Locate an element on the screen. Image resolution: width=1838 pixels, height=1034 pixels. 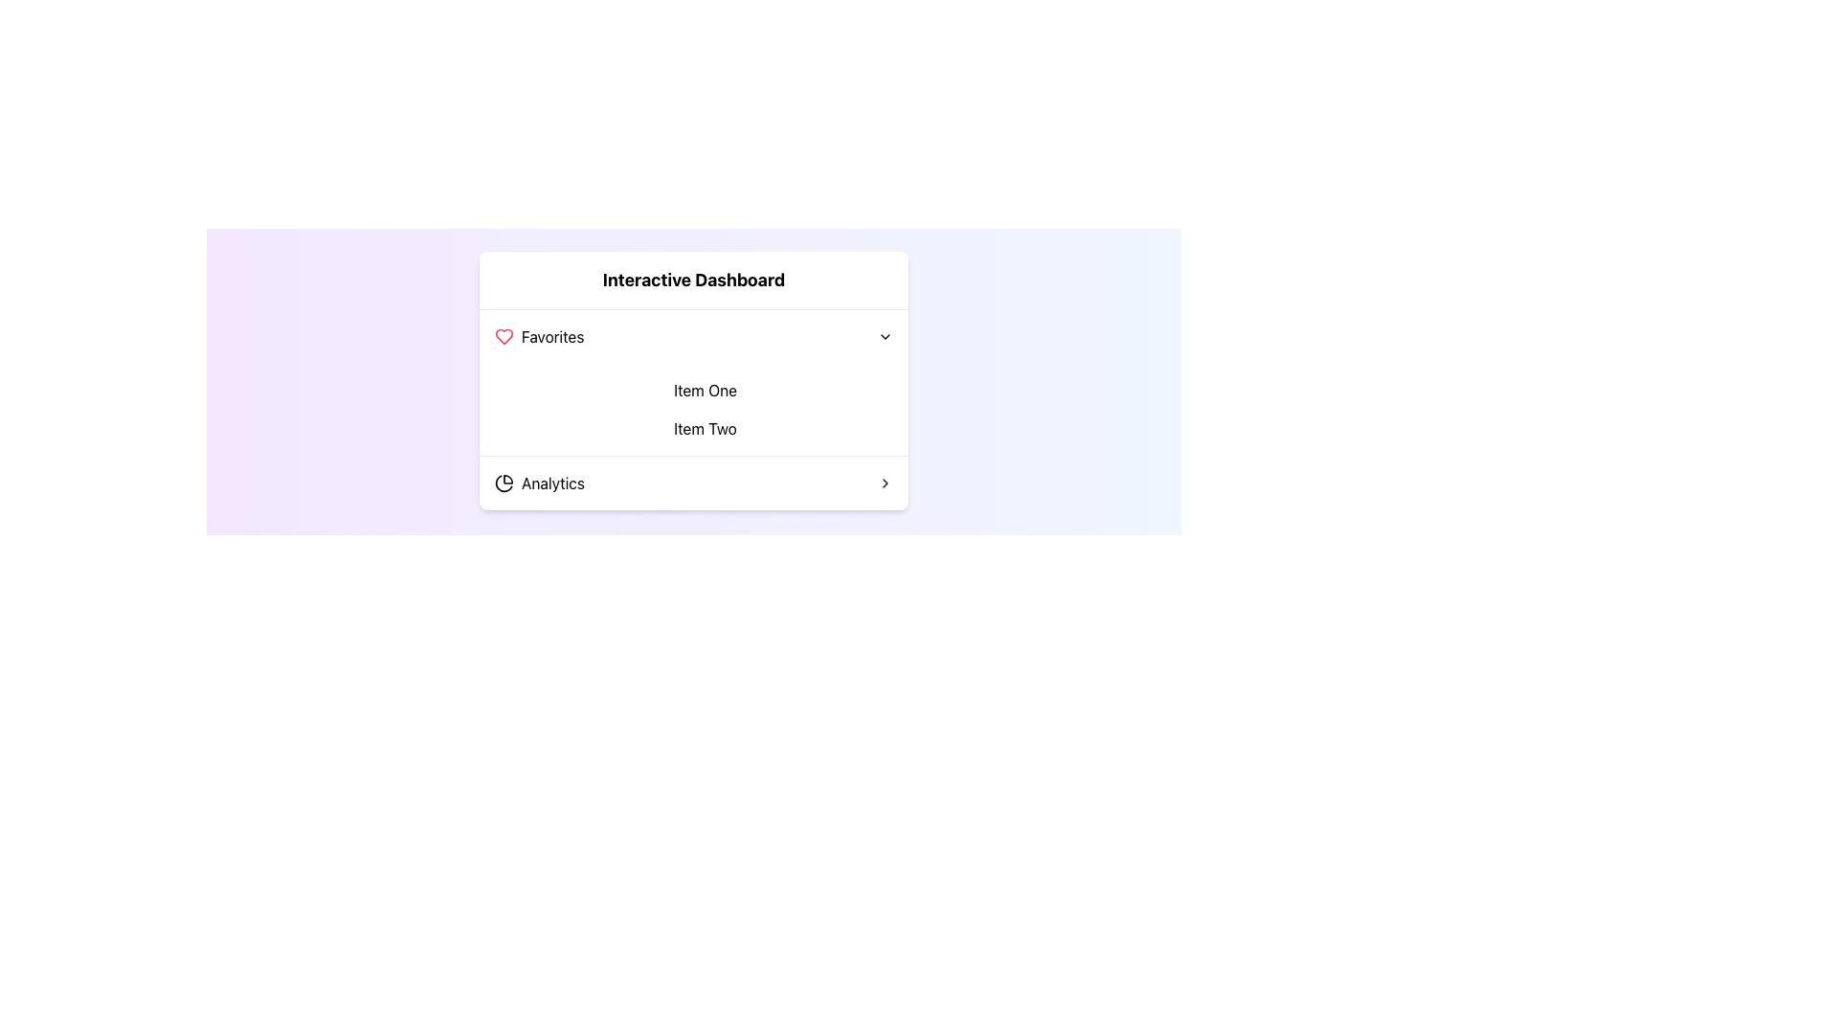
the text-based menu item labeled 'Item One' is located at coordinates (705, 390).